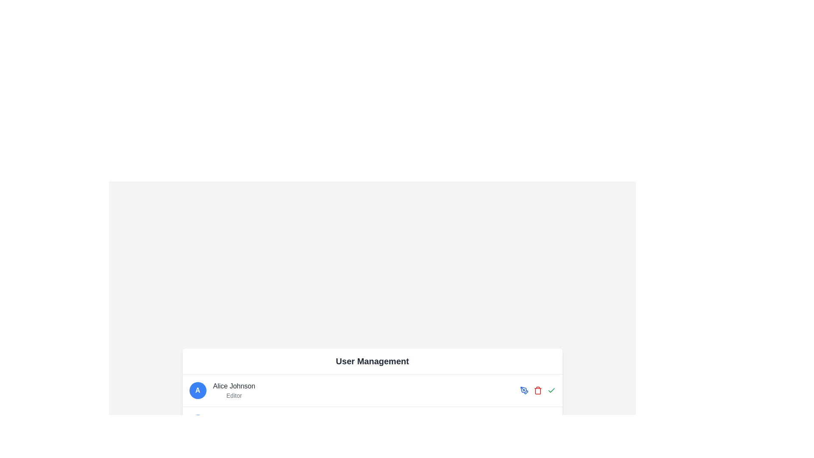 This screenshot has width=814, height=458. What do you see at coordinates (234, 396) in the screenshot?
I see `the text label displaying the role or designation of the user 'Alice Johnson', located below the name and beside the circular avatar` at bounding box center [234, 396].